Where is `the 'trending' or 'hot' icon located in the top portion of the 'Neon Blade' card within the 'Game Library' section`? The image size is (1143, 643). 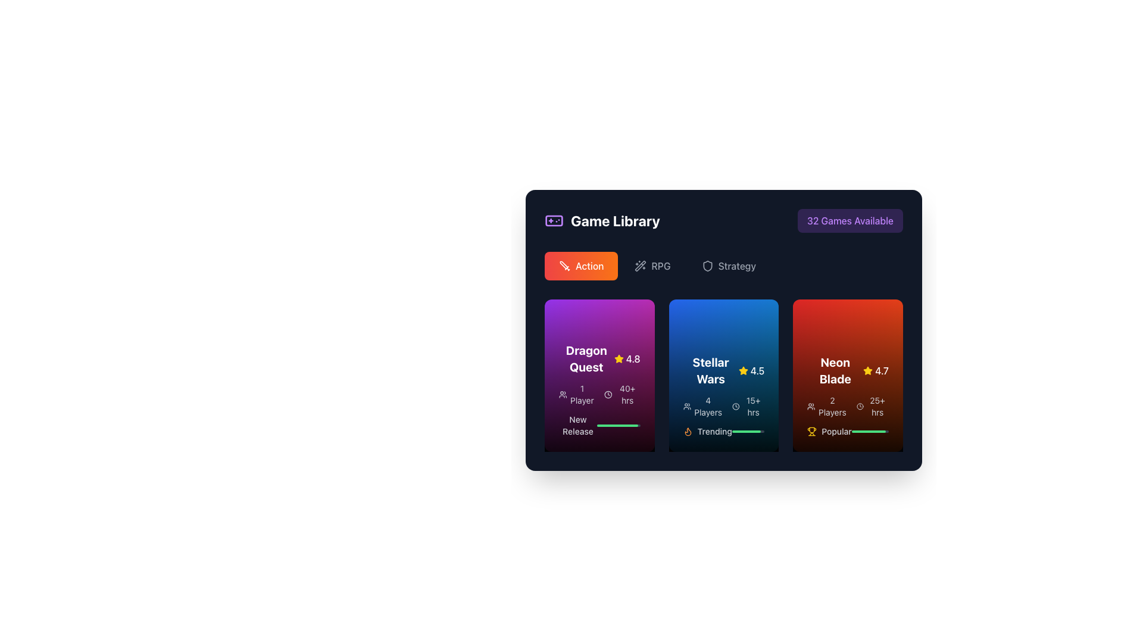
the 'trending' or 'hot' icon located in the top portion of the 'Neon Blade' card within the 'Game Library' section is located at coordinates (688, 432).